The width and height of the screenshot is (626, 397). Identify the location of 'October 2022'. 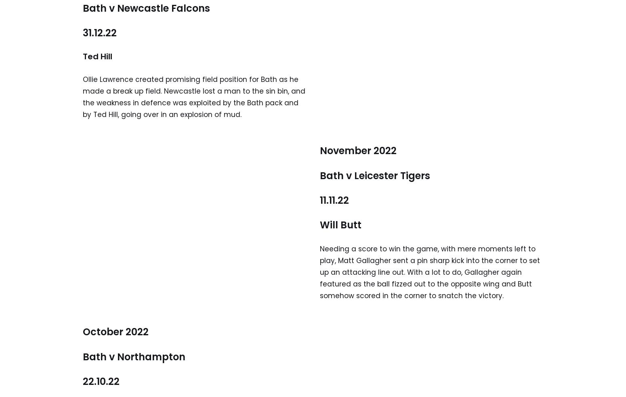
(82, 331).